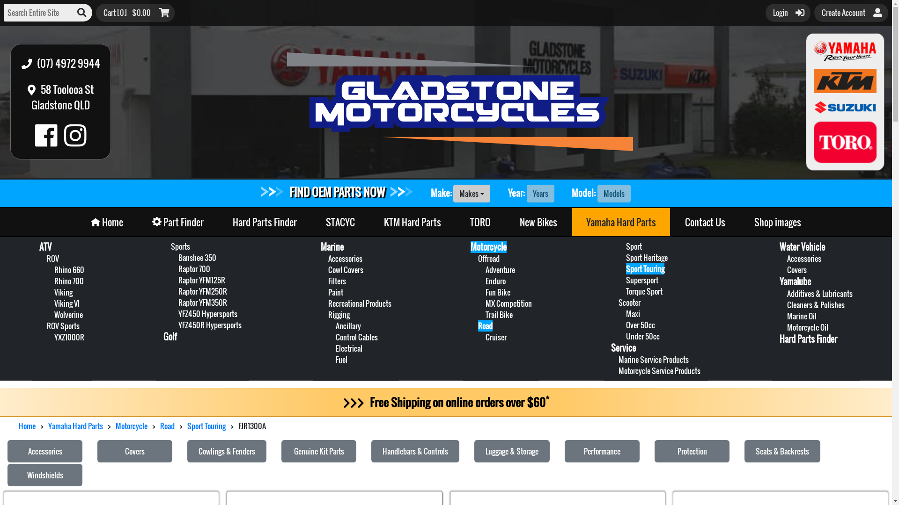 This screenshot has height=505, width=899. I want to click on 'Filters', so click(337, 281).